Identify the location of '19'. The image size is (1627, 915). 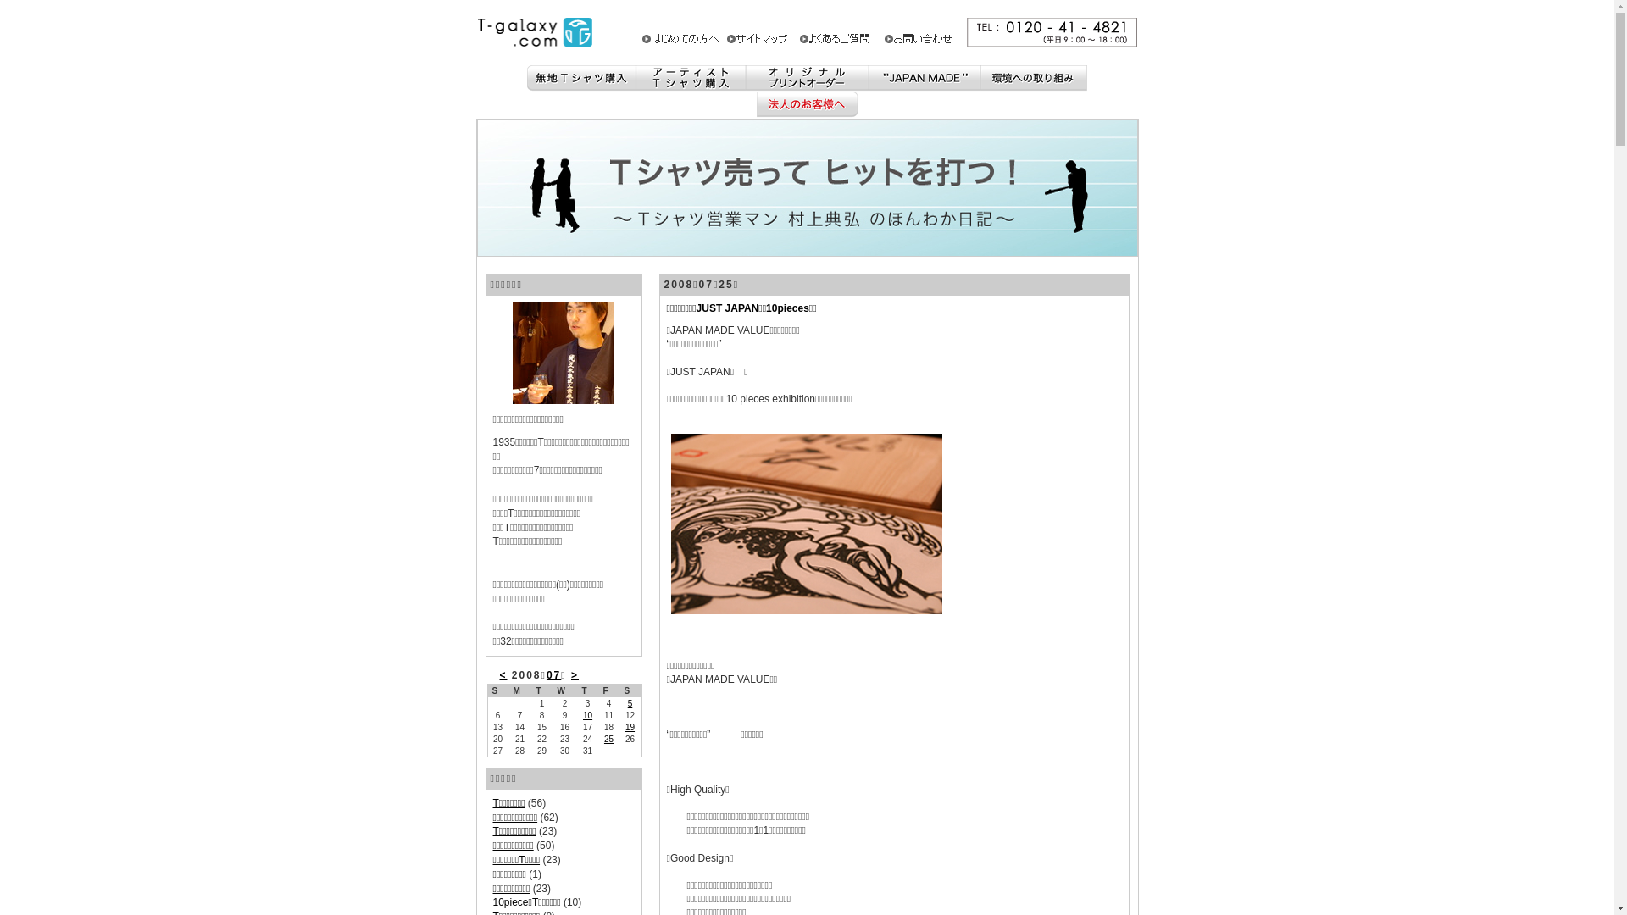
(625, 726).